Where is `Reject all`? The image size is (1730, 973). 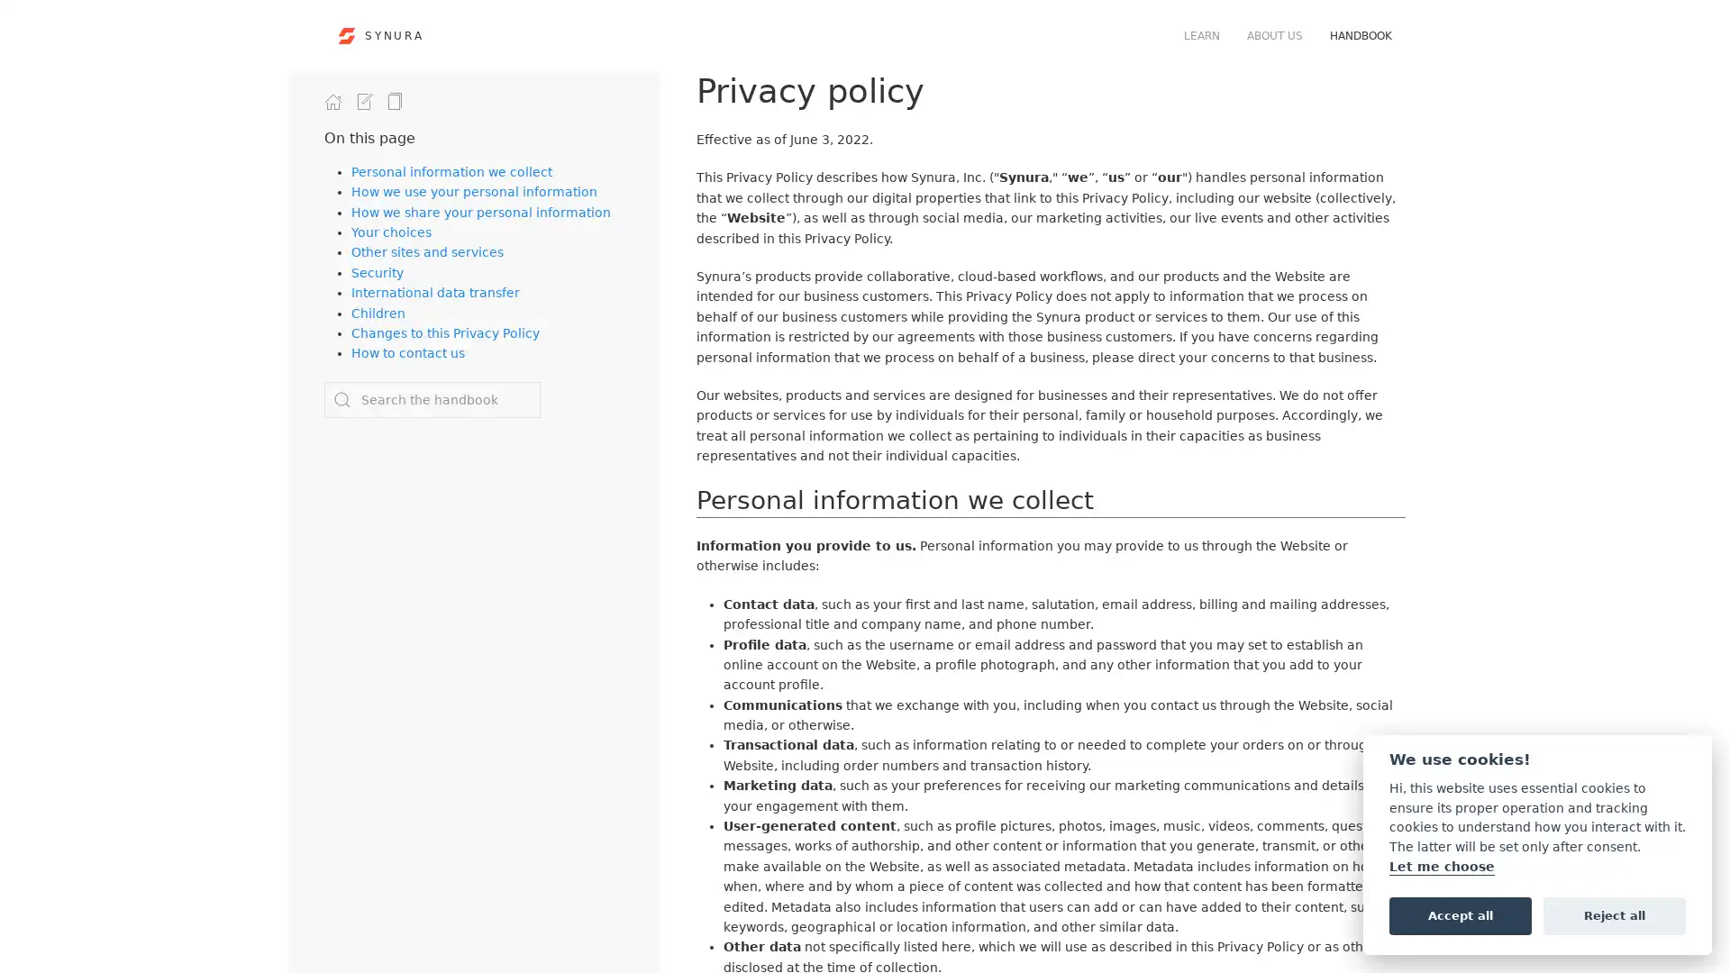
Reject all is located at coordinates (1614, 914).